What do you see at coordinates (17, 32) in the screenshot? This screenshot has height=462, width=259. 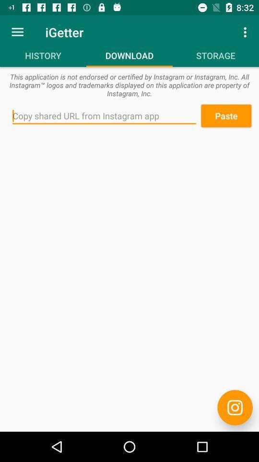 I see `the icon next to igetter icon` at bounding box center [17, 32].